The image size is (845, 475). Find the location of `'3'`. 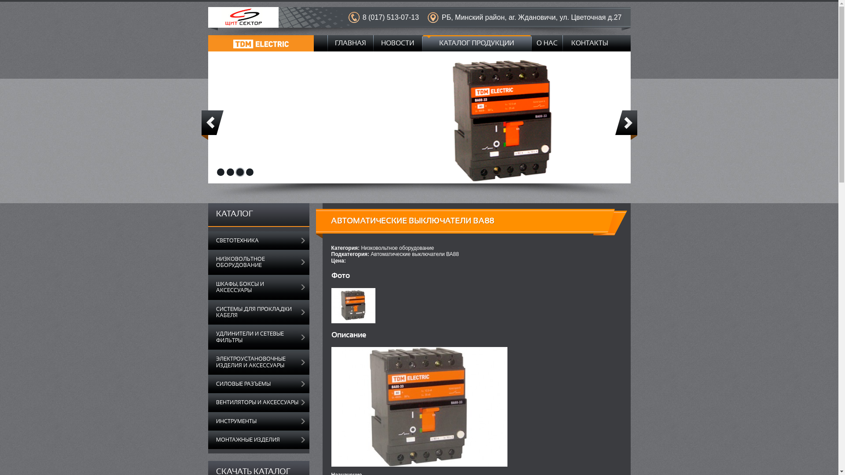

'3' is located at coordinates (239, 172).